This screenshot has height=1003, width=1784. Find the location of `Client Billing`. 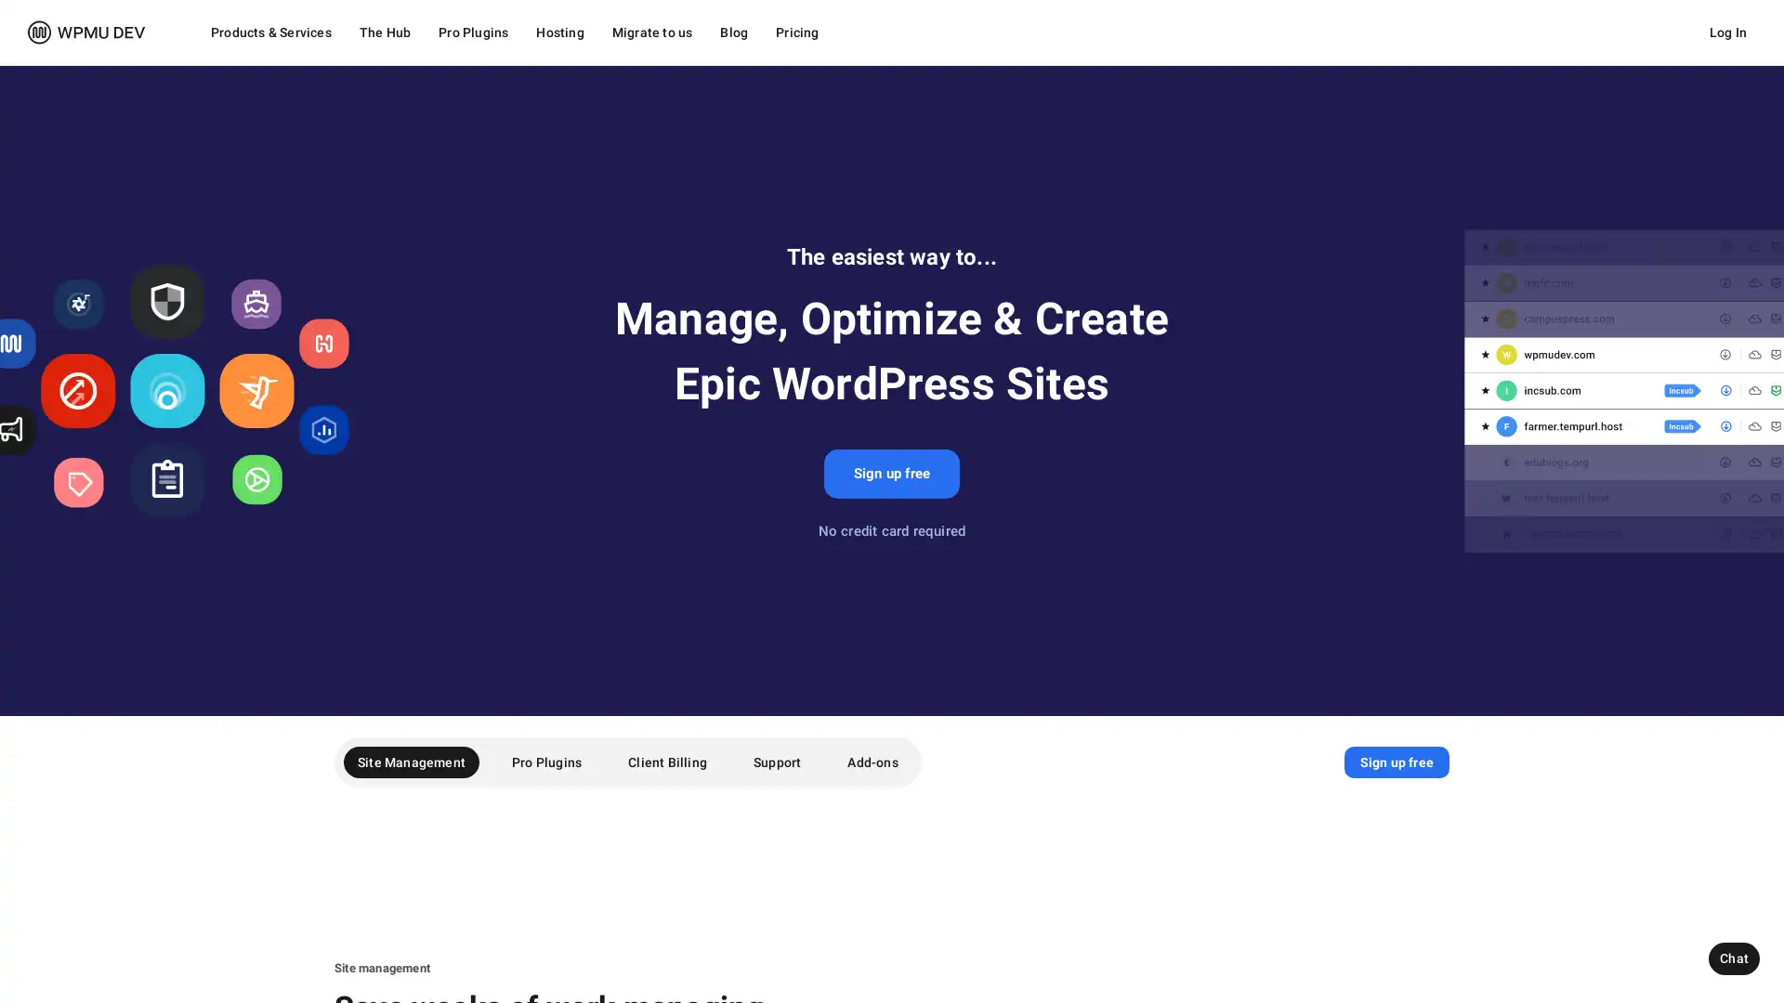

Client Billing is located at coordinates (667, 762).